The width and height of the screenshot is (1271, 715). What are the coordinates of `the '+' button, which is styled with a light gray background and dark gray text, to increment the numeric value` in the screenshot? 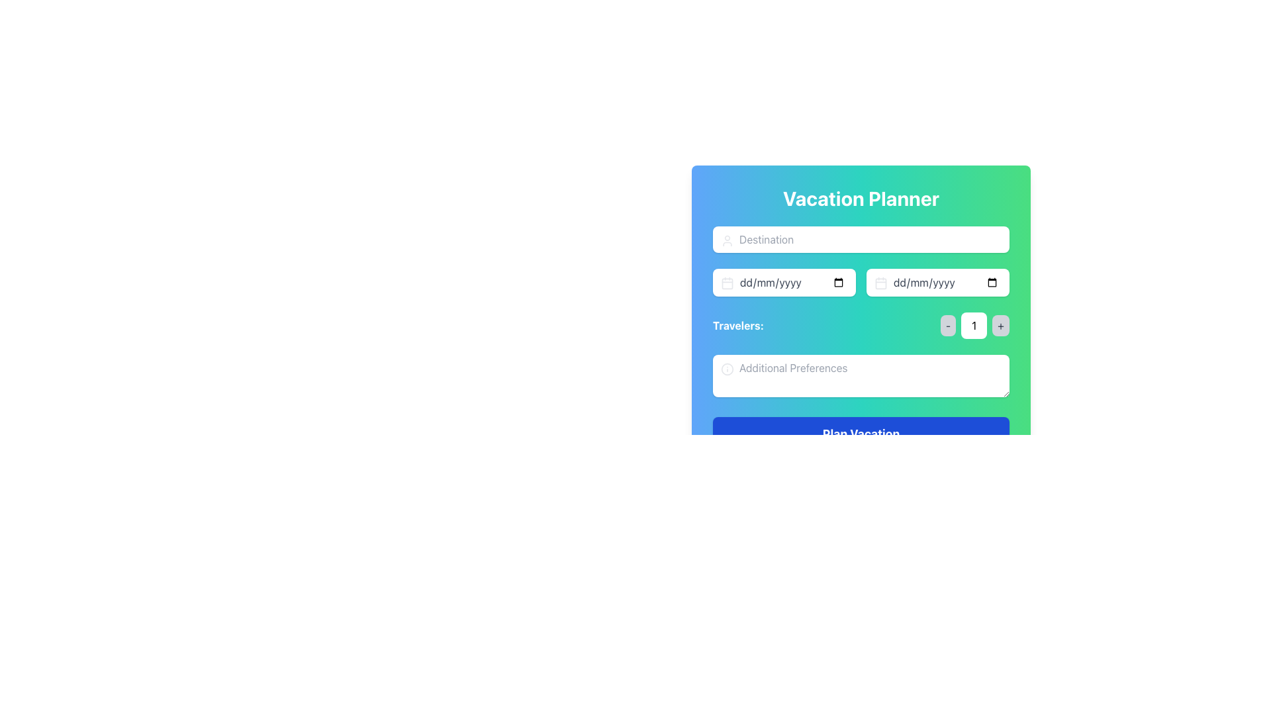 It's located at (1001, 326).